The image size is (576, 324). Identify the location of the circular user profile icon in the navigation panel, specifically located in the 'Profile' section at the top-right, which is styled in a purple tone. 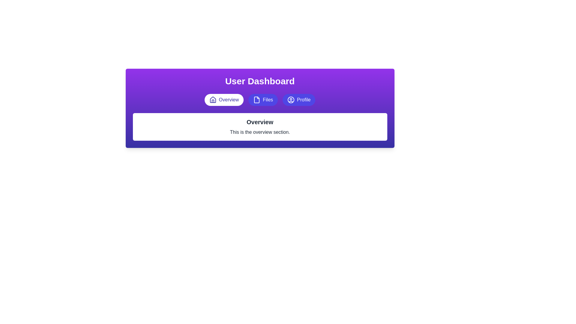
(291, 99).